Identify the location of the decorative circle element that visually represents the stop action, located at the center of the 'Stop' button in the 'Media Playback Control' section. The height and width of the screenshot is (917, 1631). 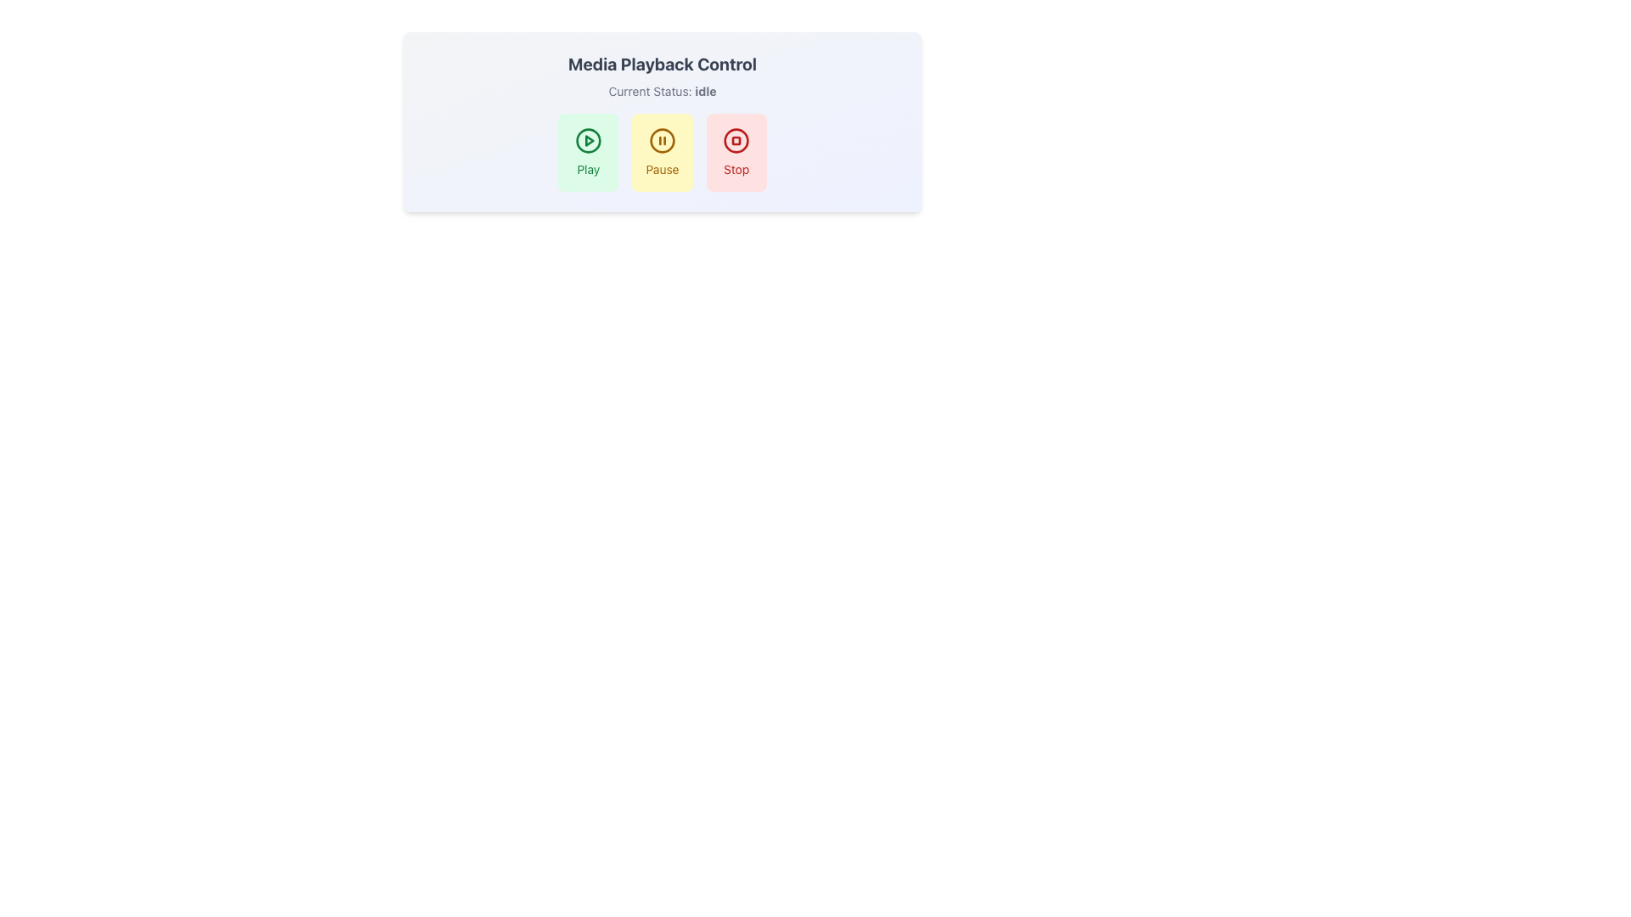
(736, 139).